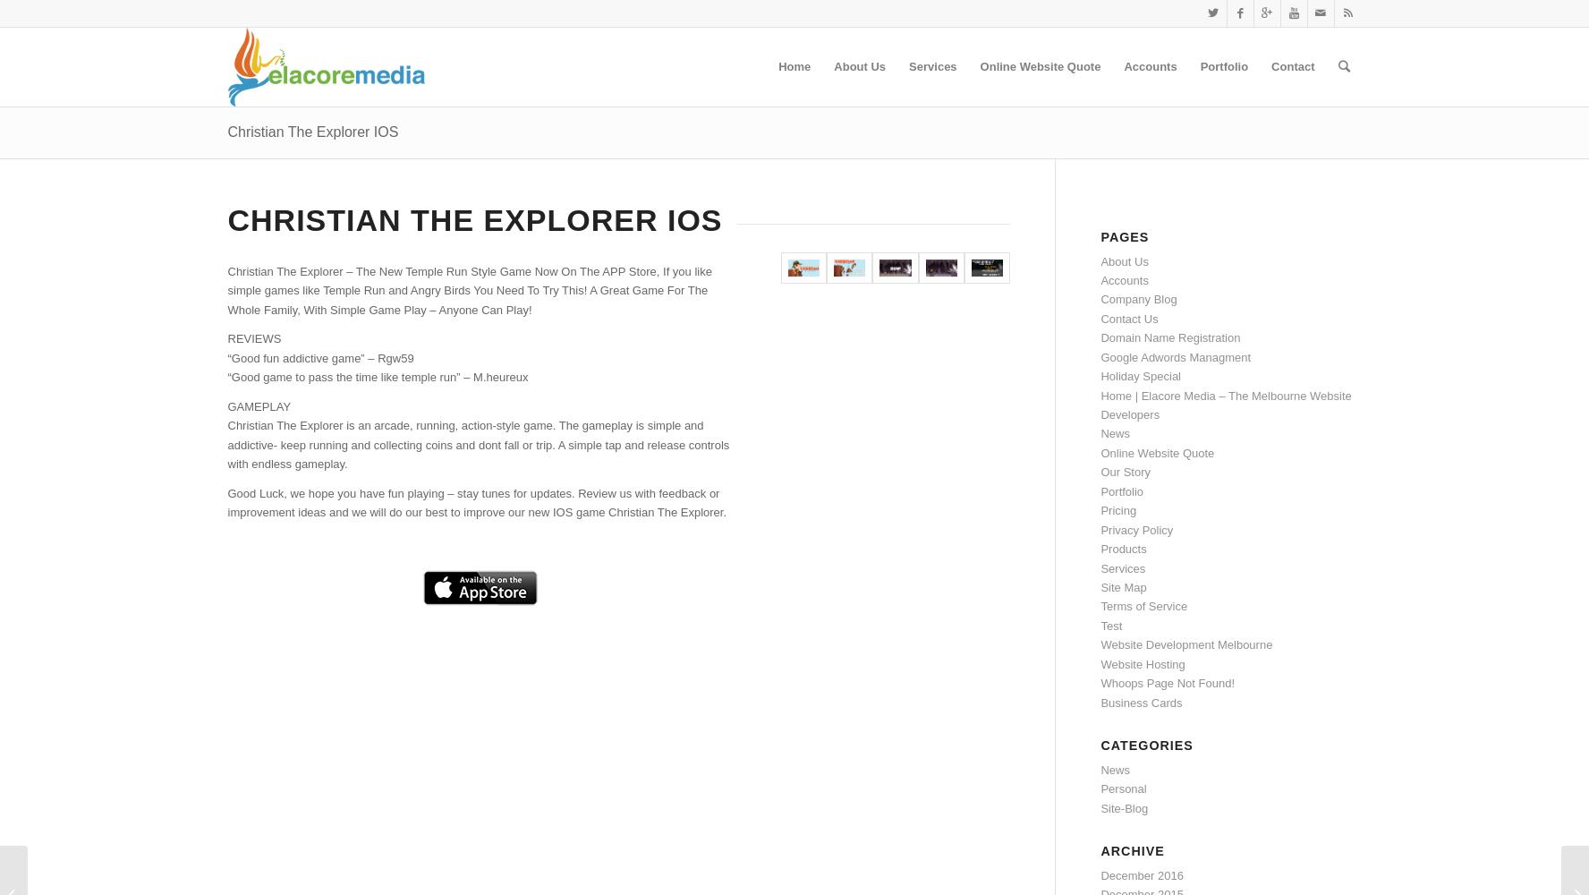 This screenshot has height=895, width=1589. Describe the element at coordinates (259, 405) in the screenshot. I see `'GAMEPLAY'` at that location.